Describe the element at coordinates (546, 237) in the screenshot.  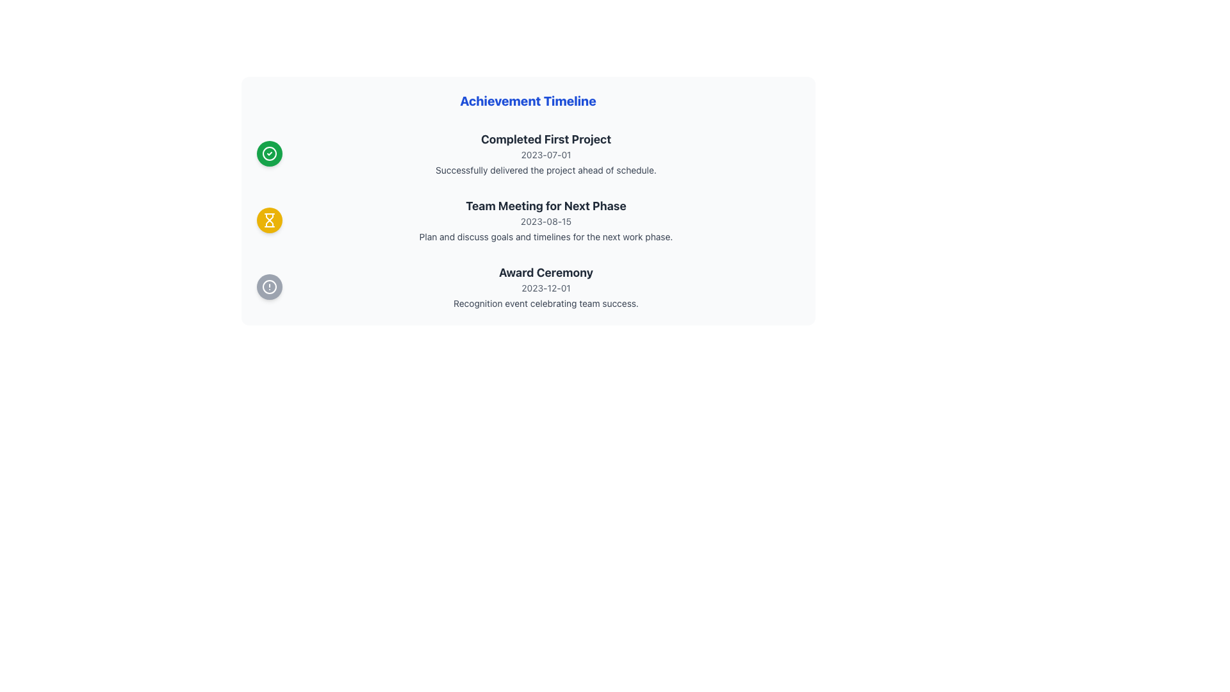
I see `descriptive text label that provides additional details about the topic 'Plan and discuss goals and timelines for the next work phase.'` at that location.